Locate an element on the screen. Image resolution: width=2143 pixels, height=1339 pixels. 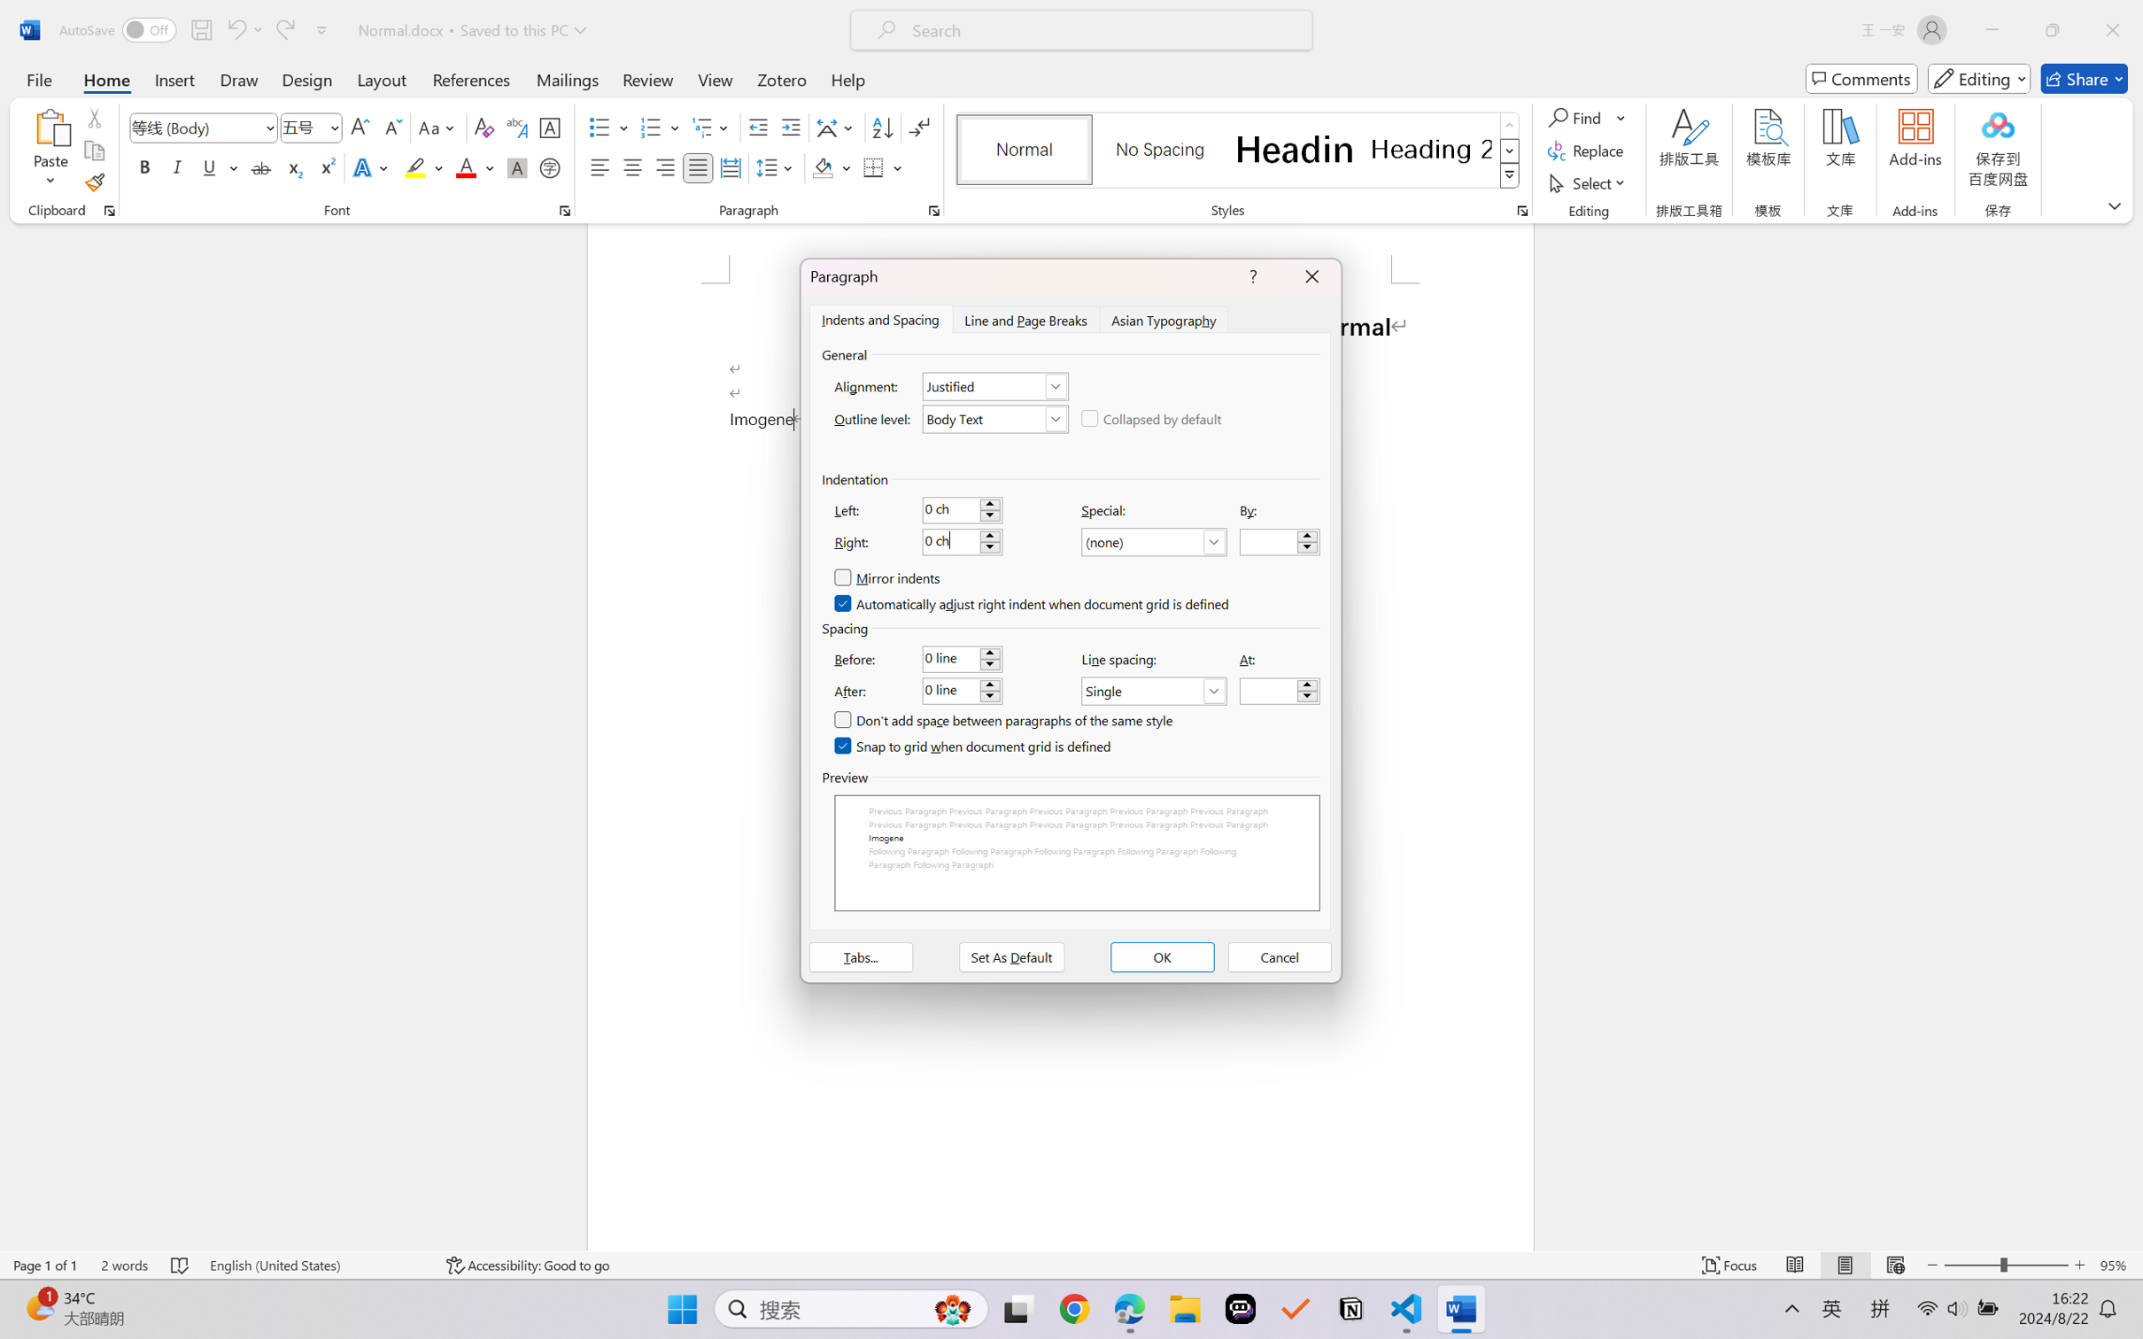
'Strikethrough' is located at coordinates (260, 166).